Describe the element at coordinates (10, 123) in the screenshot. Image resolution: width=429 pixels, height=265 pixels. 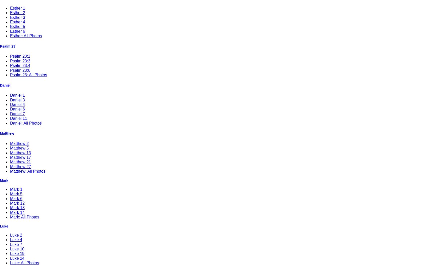
I see `'Daniel: All Photos'` at that location.